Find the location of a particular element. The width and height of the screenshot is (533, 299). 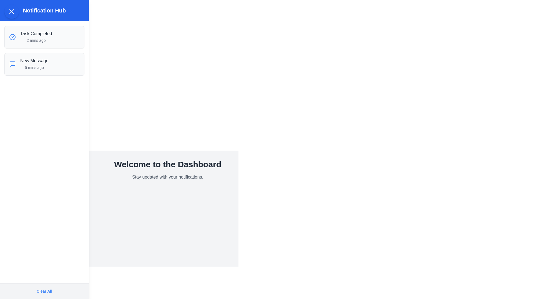

the Text label displaying a notification title and timestamp that indicates a new message received 5 minutes ago is located at coordinates (34, 64).